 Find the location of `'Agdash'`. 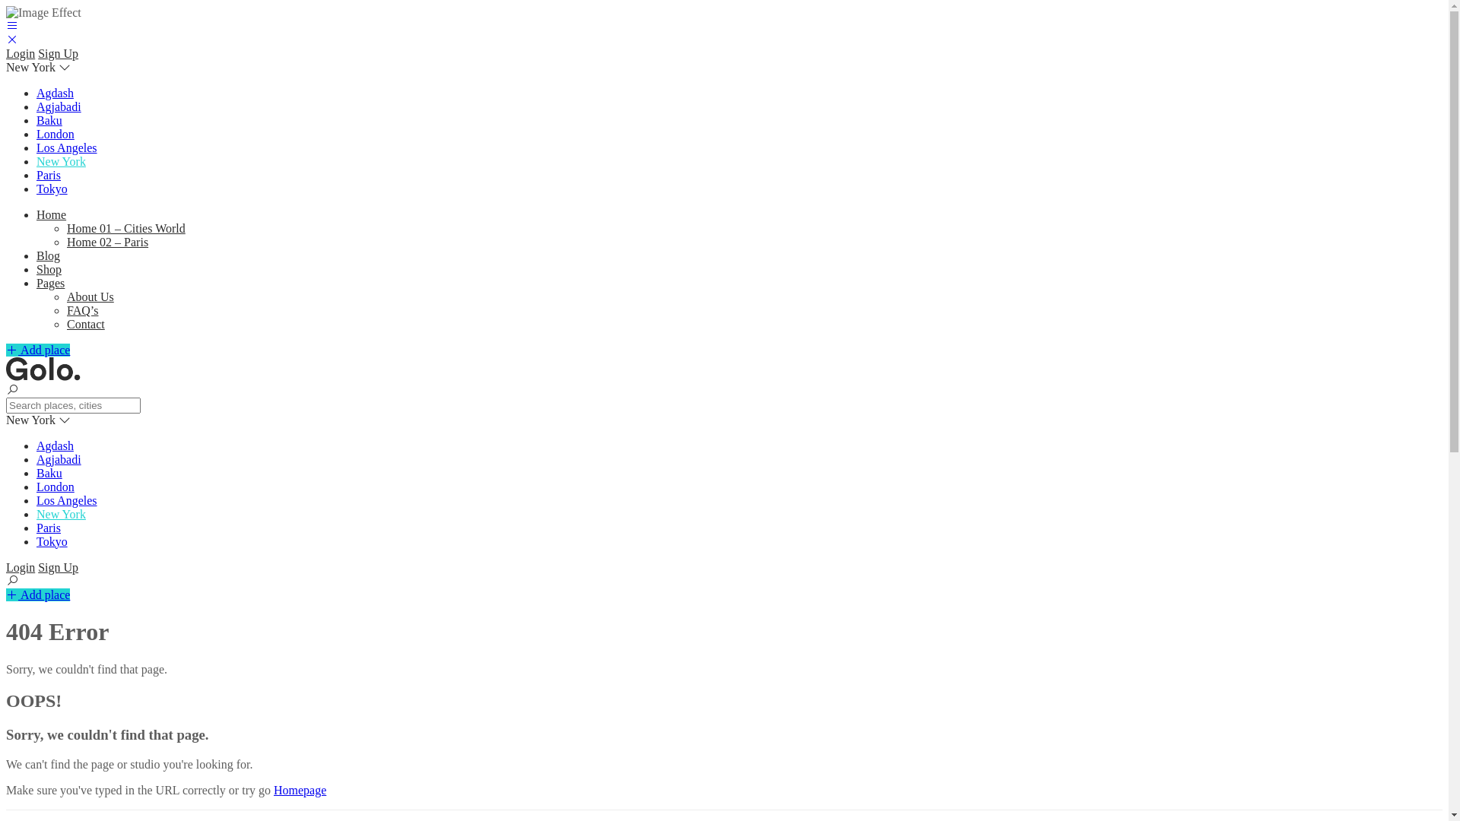

'Agdash' is located at coordinates (55, 445).